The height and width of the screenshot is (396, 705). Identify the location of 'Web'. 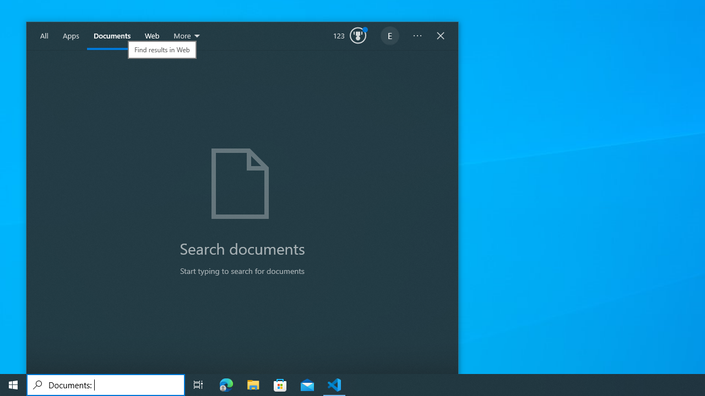
(151, 36).